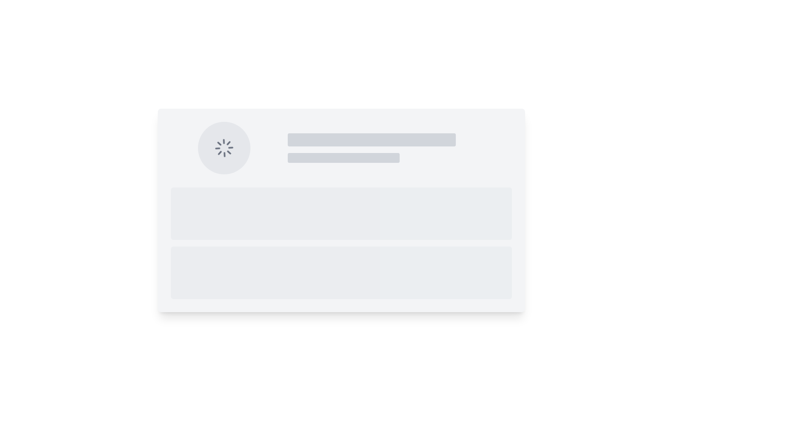  Describe the element at coordinates (341, 148) in the screenshot. I see `the grid layout containing a circular spinning loader icon in the left column and placeholder text in the right column` at that location.